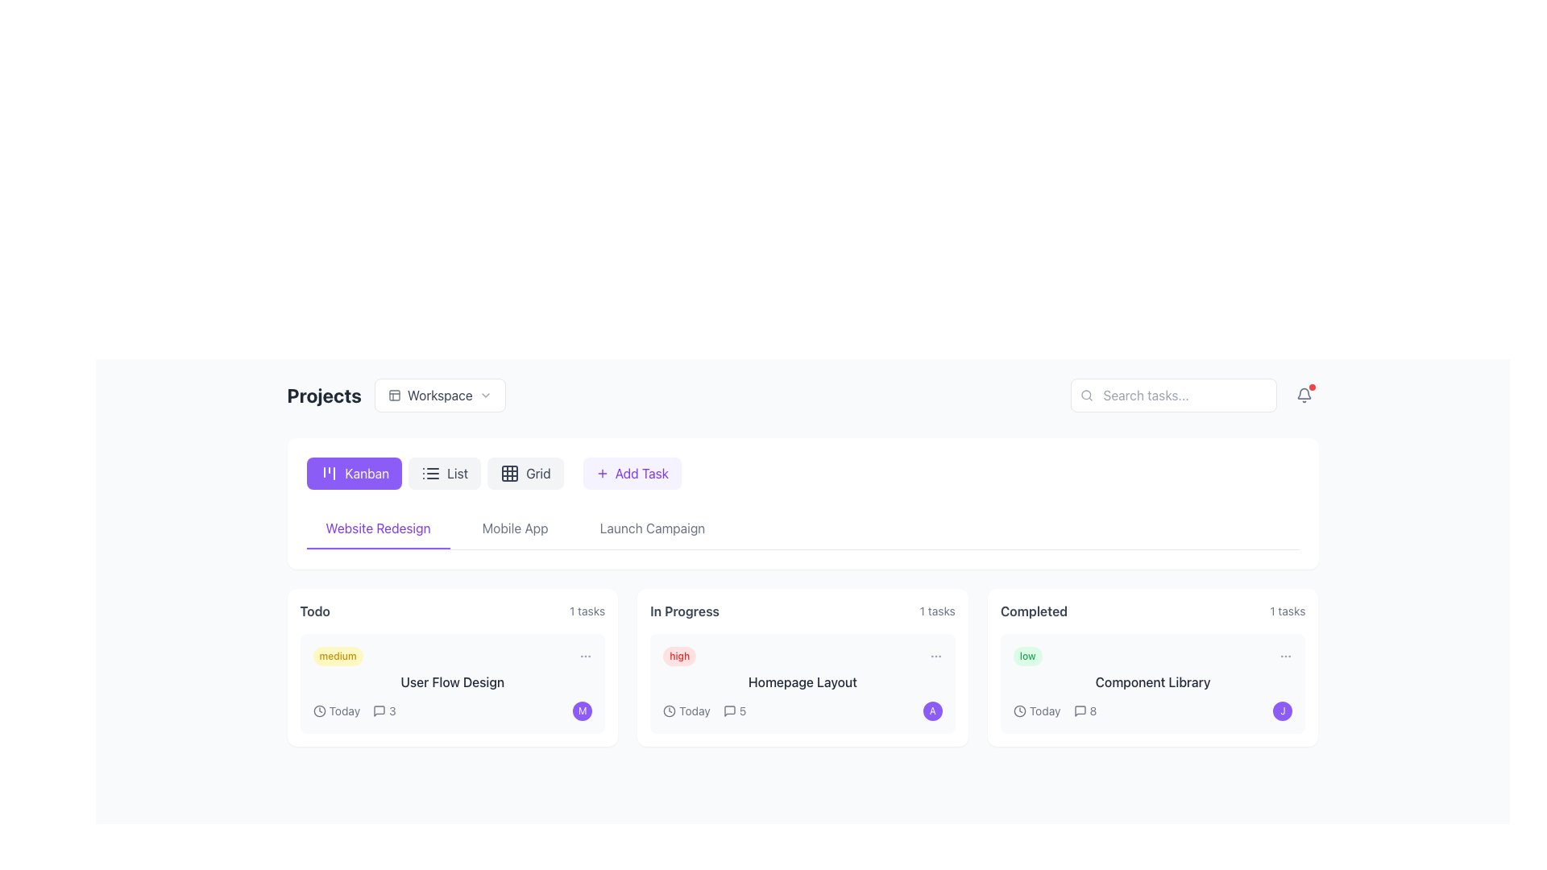  What do you see at coordinates (670, 710) in the screenshot?
I see `the Decorative SVG circle element representing the clock face located at the bottom-left of the 'In Progress' card section` at bounding box center [670, 710].